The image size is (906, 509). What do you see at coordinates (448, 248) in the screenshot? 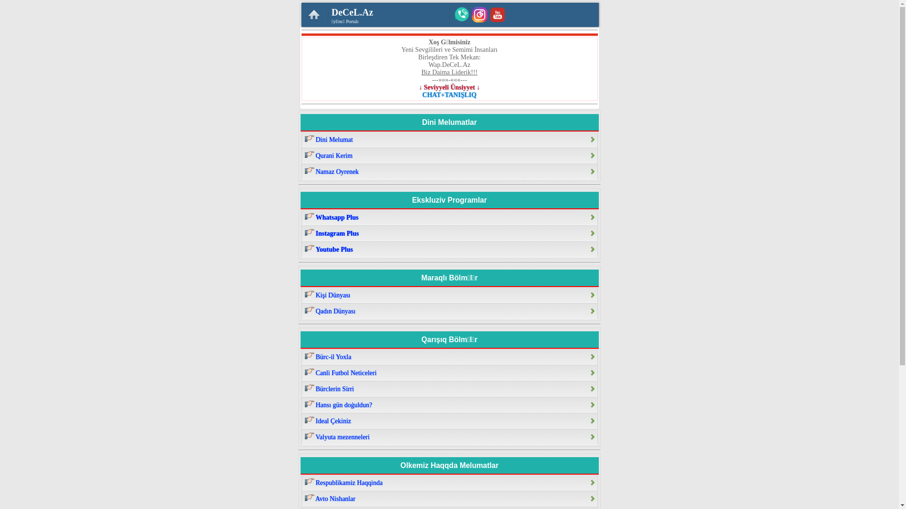
I see `'Youtube Plus'` at bounding box center [448, 248].